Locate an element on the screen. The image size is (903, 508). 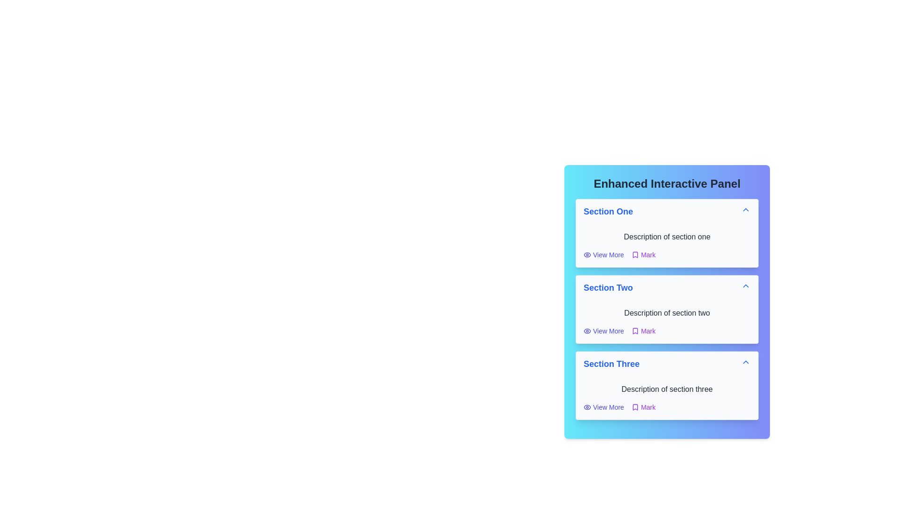
the text element displaying 'Section Three', which is styled in bold blue and located at the bottom of three vertically stacked sections is located at coordinates (611, 364).